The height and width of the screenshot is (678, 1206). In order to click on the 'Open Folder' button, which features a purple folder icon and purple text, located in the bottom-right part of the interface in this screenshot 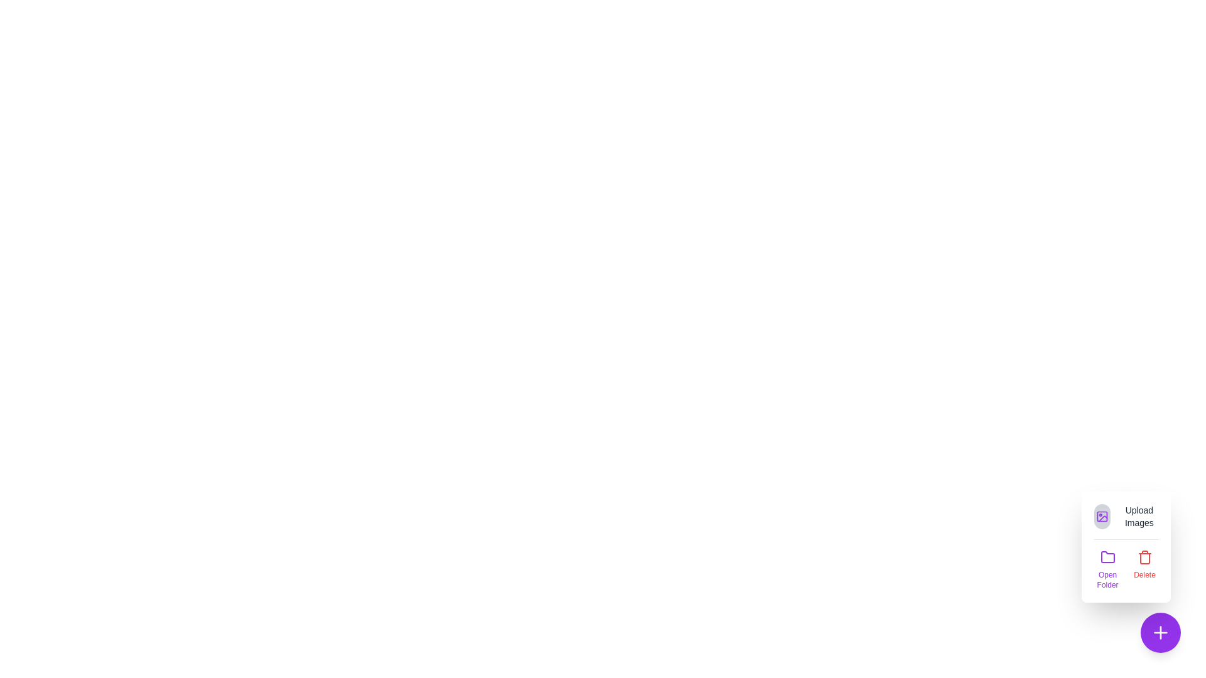, I will do `click(1107, 569)`.